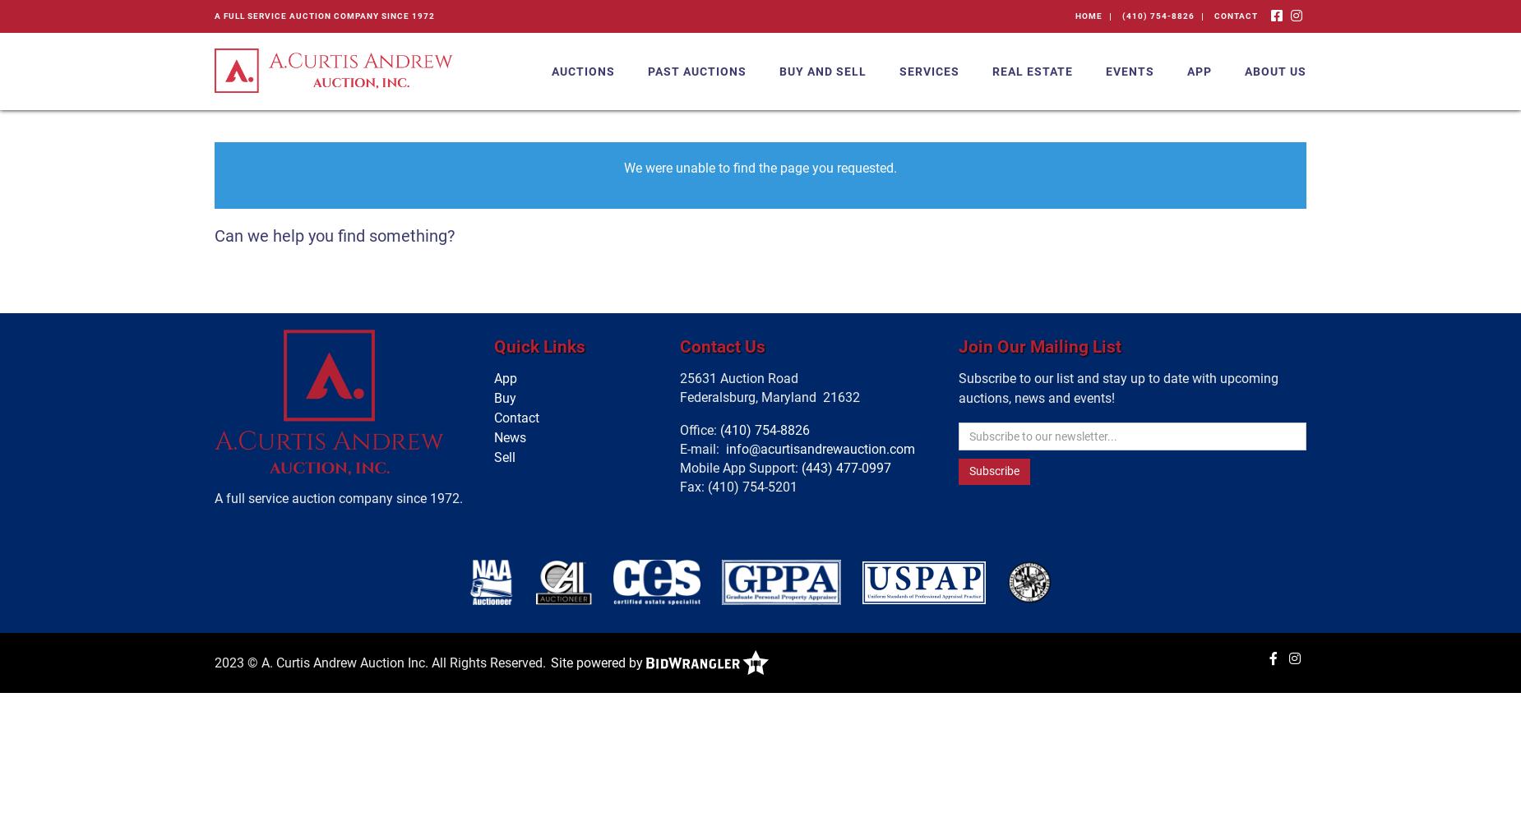 Image resolution: width=1521 pixels, height=822 pixels. What do you see at coordinates (598, 662) in the screenshot?
I see `'Site powered by'` at bounding box center [598, 662].